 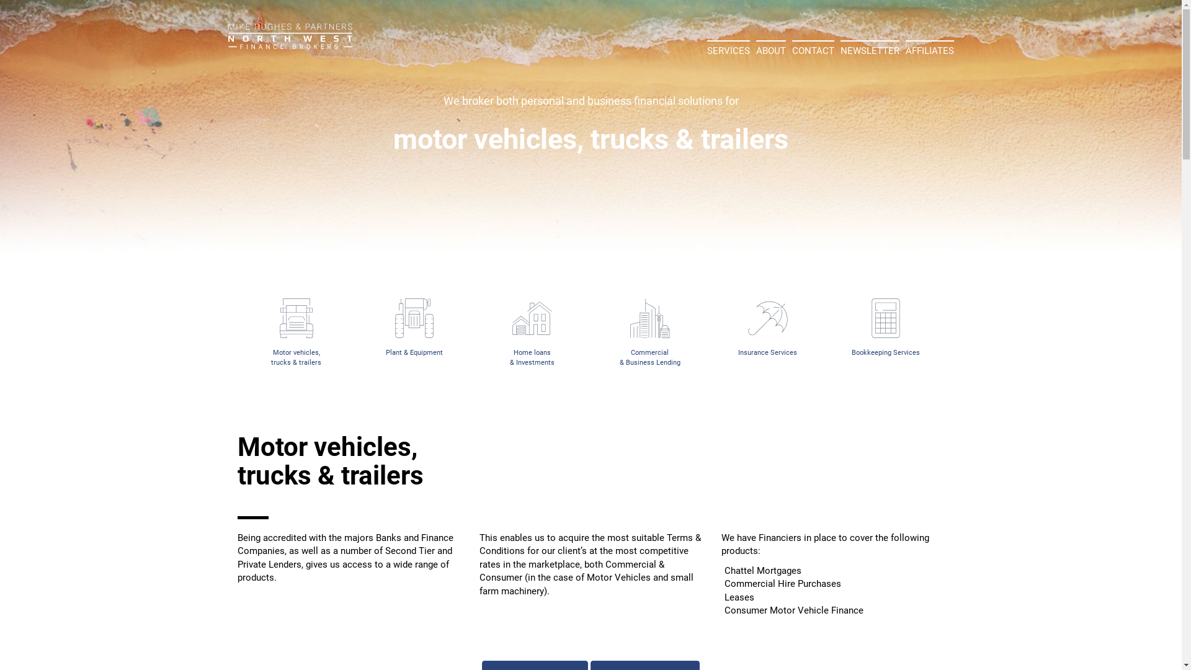 What do you see at coordinates (707, 50) in the screenshot?
I see `'SERVICES'` at bounding box center [707, 50].